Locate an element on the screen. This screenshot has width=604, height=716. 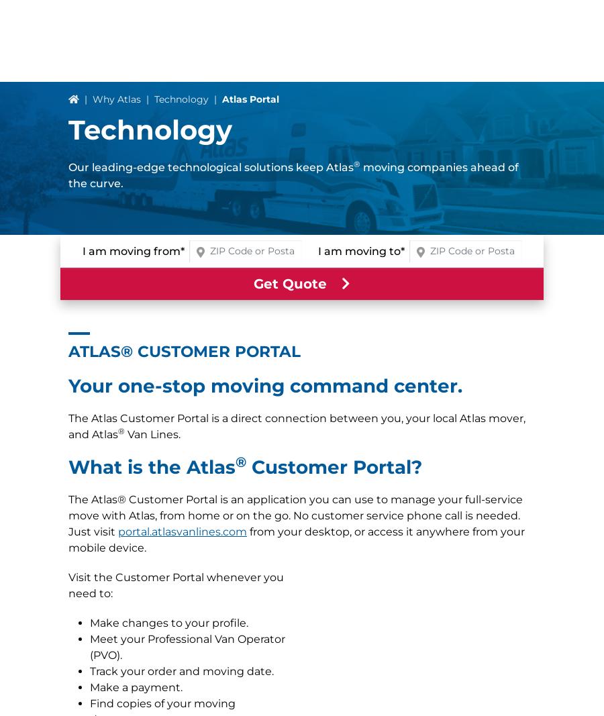
'Residential Moves' is located at coordinates (67, 462).